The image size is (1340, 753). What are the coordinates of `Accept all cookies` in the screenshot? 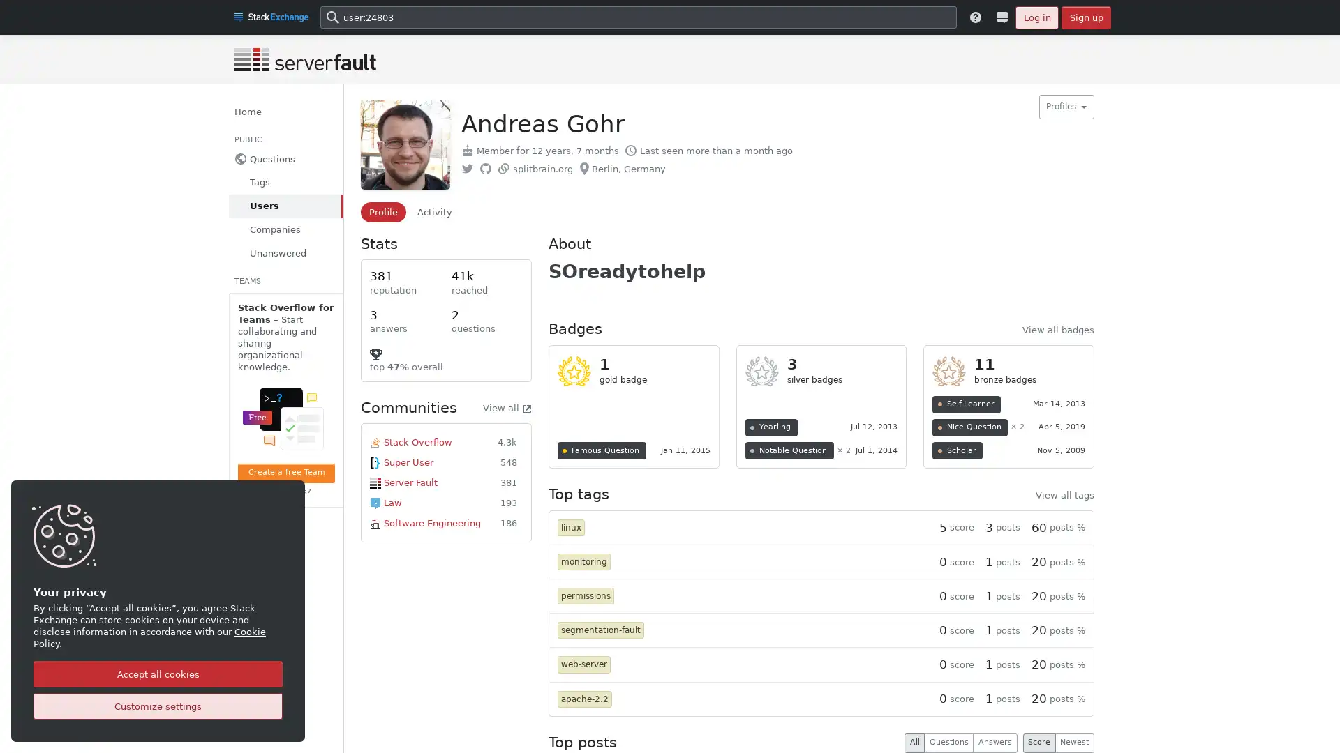 It's located at (158, 674).